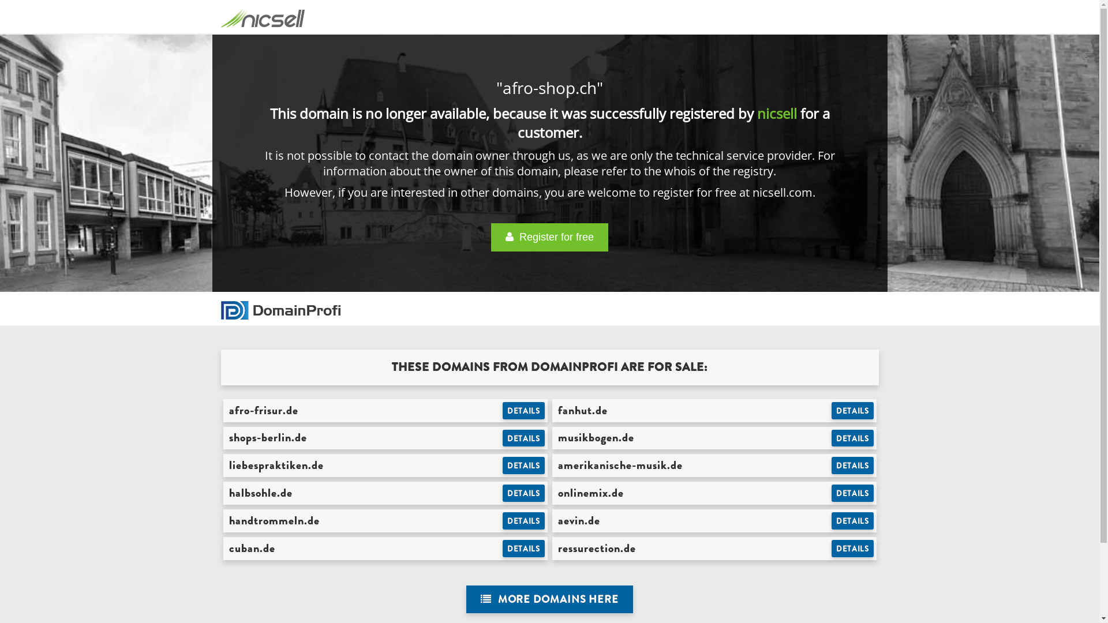 This screenshot has height=623, width=1108. What do you see at coordinates (523, 438) in the screenshot?
I see `'DETAILS'` at bounding box center [523, 438].